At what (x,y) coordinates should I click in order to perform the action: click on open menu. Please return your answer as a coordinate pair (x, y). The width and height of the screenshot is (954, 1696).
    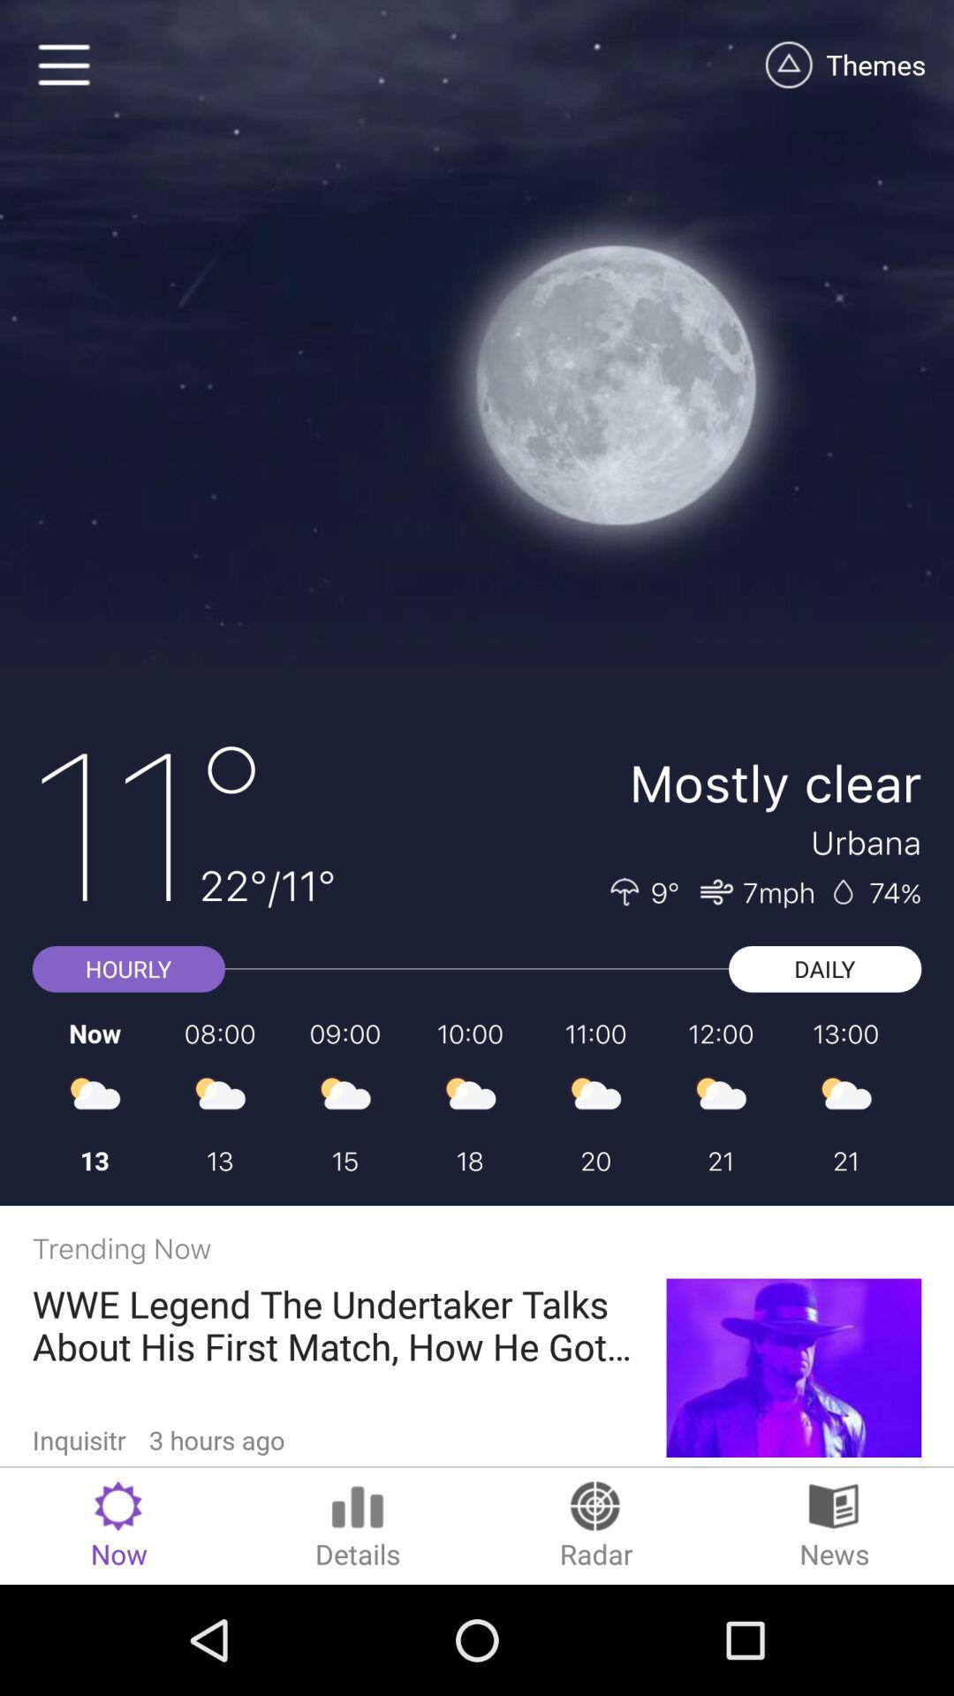
    Looking at the image, I should click on (64, 64).